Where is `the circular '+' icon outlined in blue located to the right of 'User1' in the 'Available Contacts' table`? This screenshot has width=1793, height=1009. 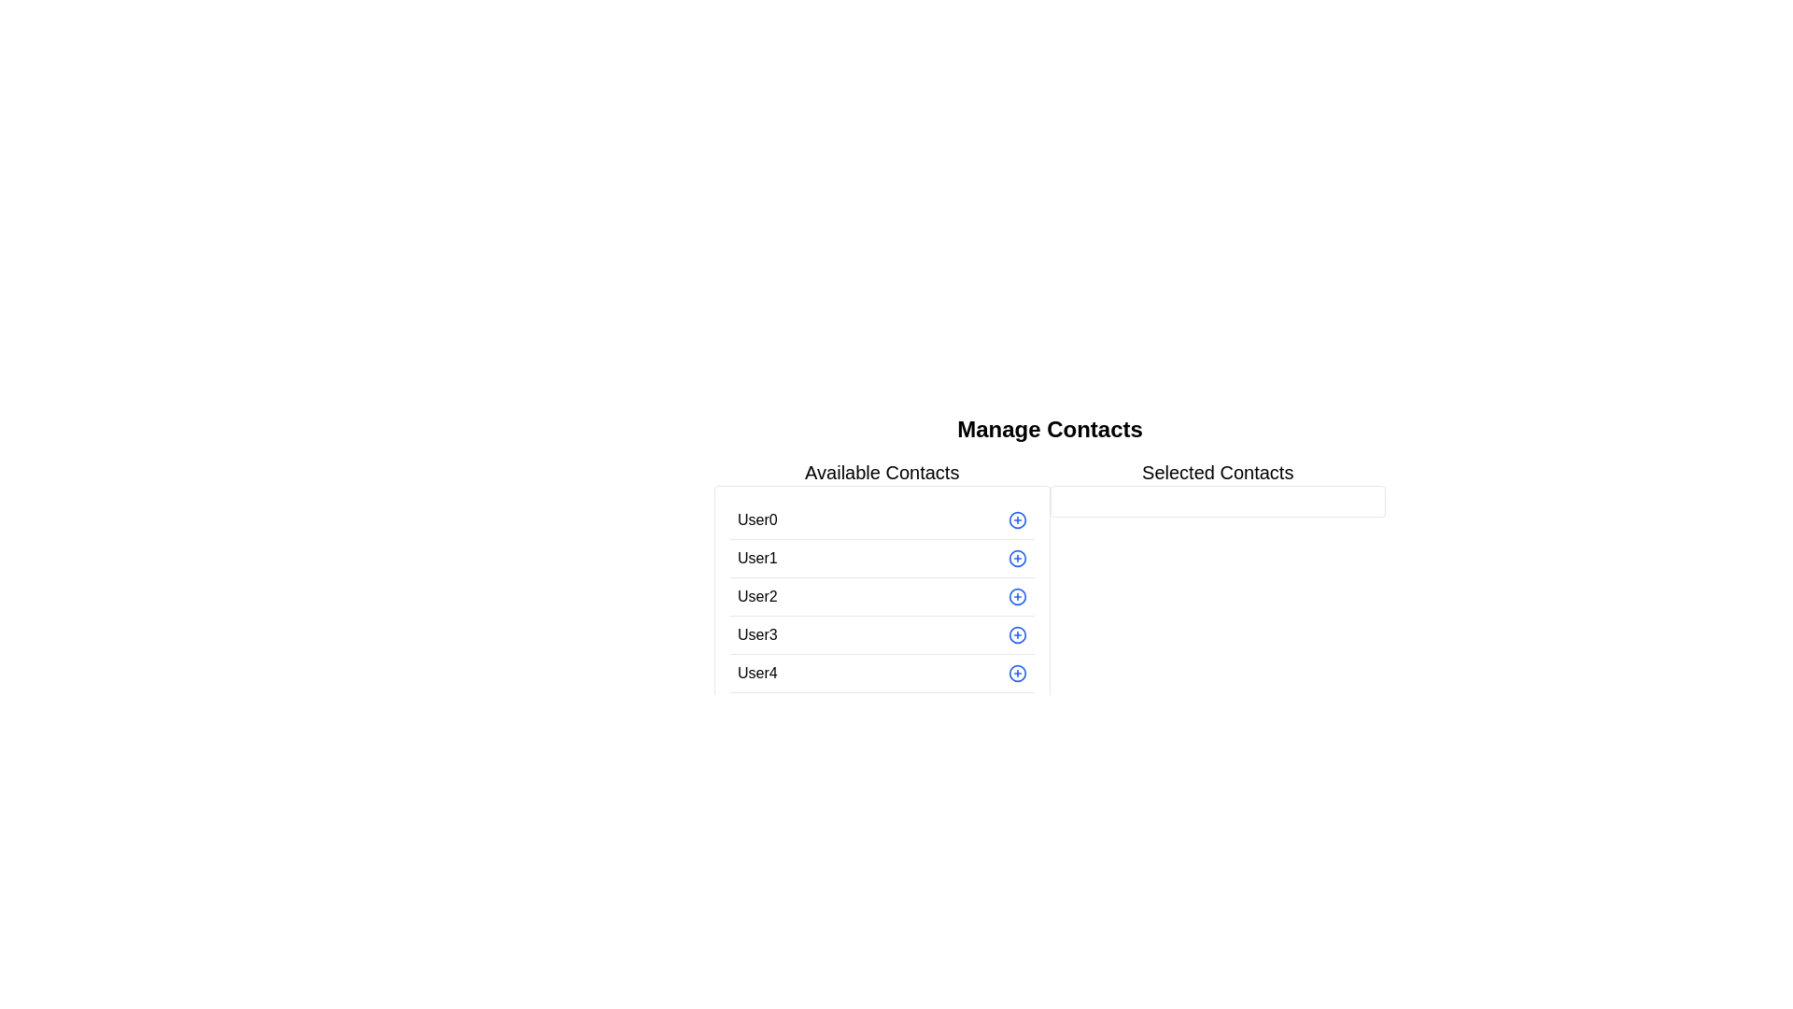
the circular '+' icon outlined in blue located to the right of 'User1' in the 'Available Contacts' table is located at coordinates (1016, 557).